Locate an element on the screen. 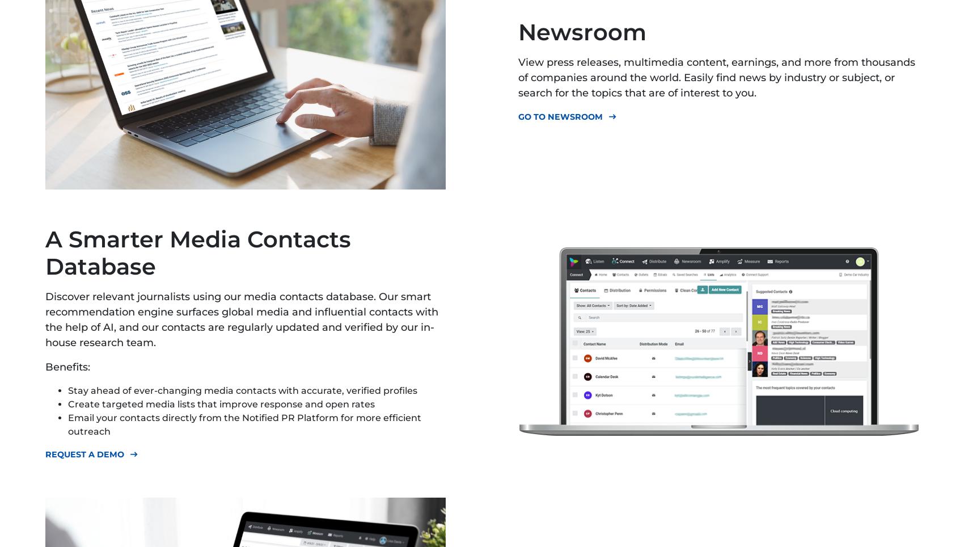  'GO TO NEWSROOM' is located at coordinates (560, 117).